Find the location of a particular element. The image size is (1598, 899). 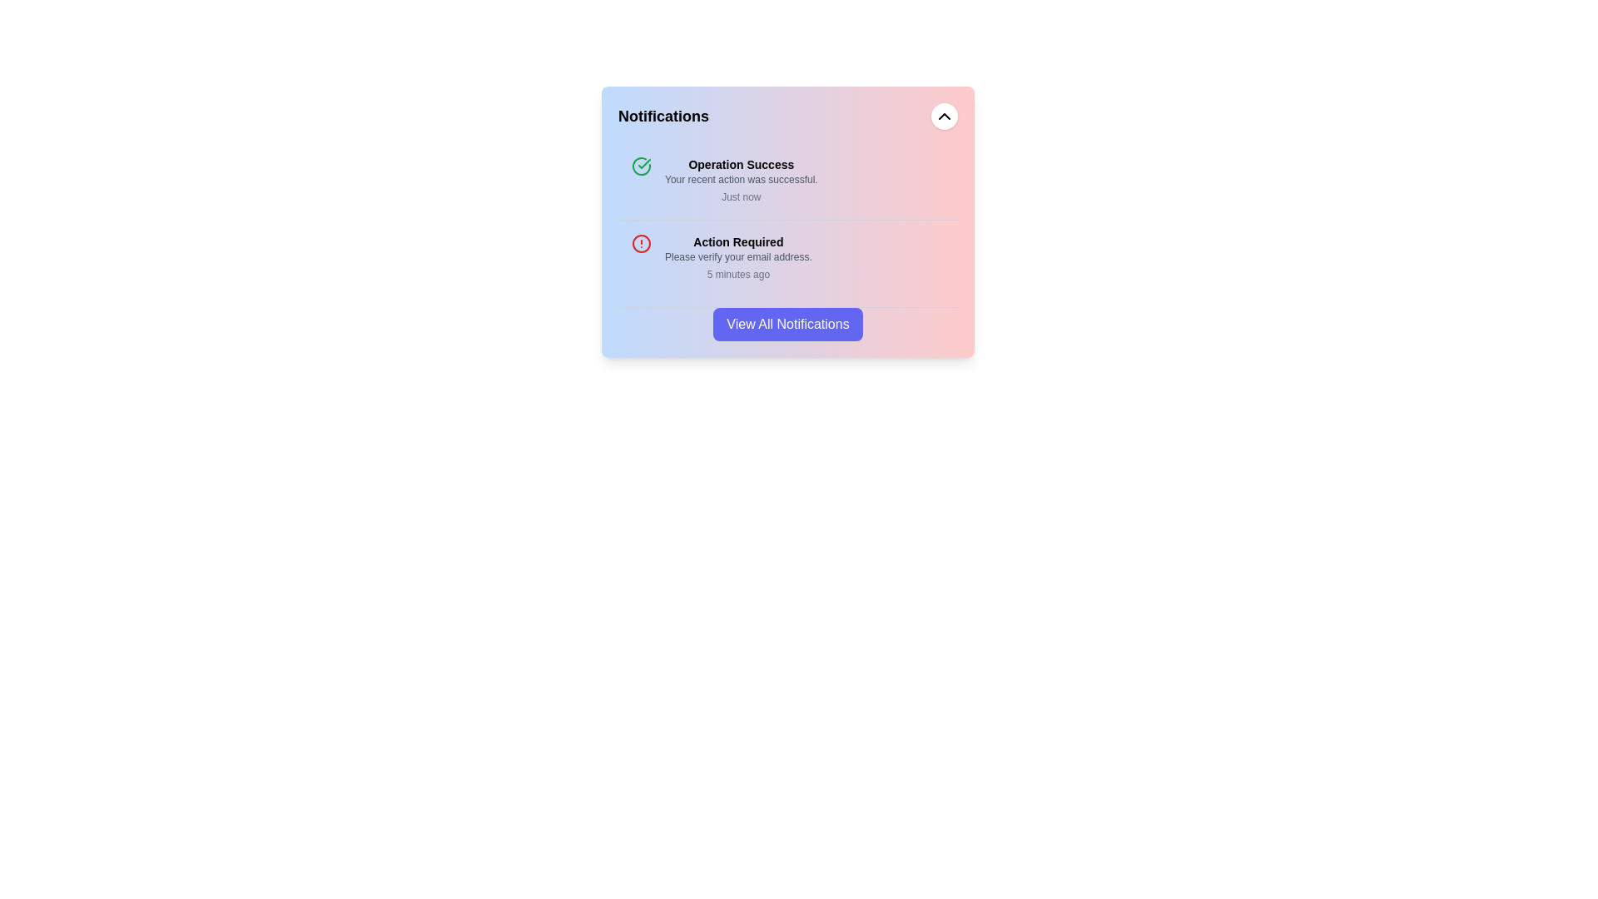

text content of the Notification Message that displays 'Operation Success' with the description 'Your recent action was successful.' is located at coordinates (740, 181).